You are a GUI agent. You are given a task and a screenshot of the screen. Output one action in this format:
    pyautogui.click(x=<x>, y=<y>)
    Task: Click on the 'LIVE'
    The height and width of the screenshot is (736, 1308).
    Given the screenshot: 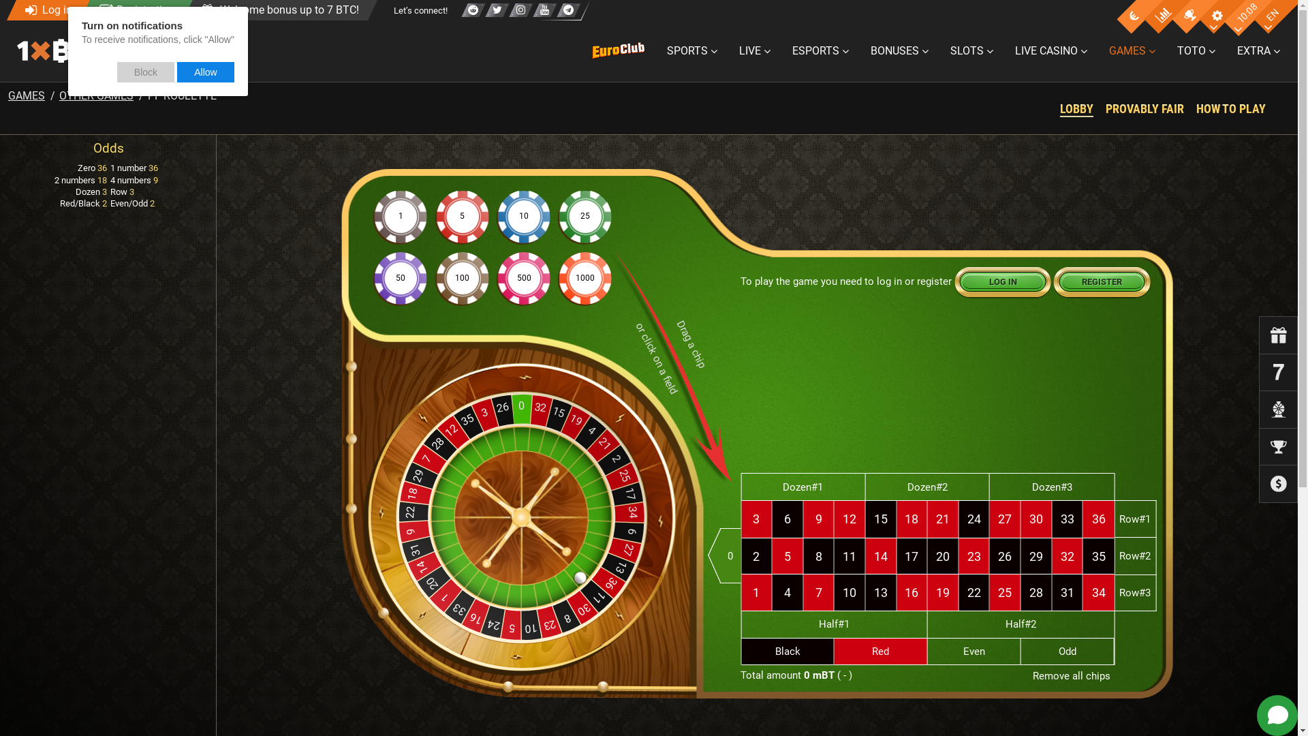 What is the action you would take?
    pyautogui.click(x=728, y=50)
    